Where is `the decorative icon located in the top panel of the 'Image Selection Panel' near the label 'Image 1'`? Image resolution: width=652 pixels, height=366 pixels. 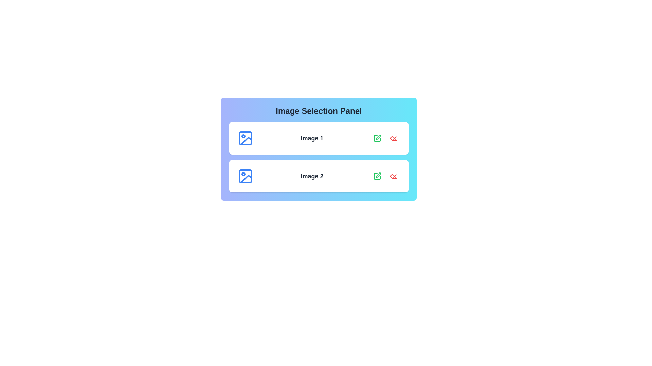 the decorative icon located in the top panel of the 'Image Selection Panel' near the label 'Image 1' is located at coordinates (245, 138).